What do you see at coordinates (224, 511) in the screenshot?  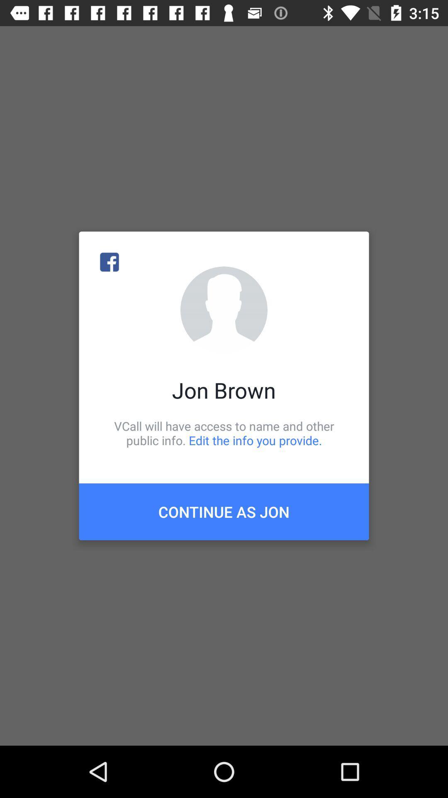 I see `the item below the vcall will have item` at bounding box center [224, 511].